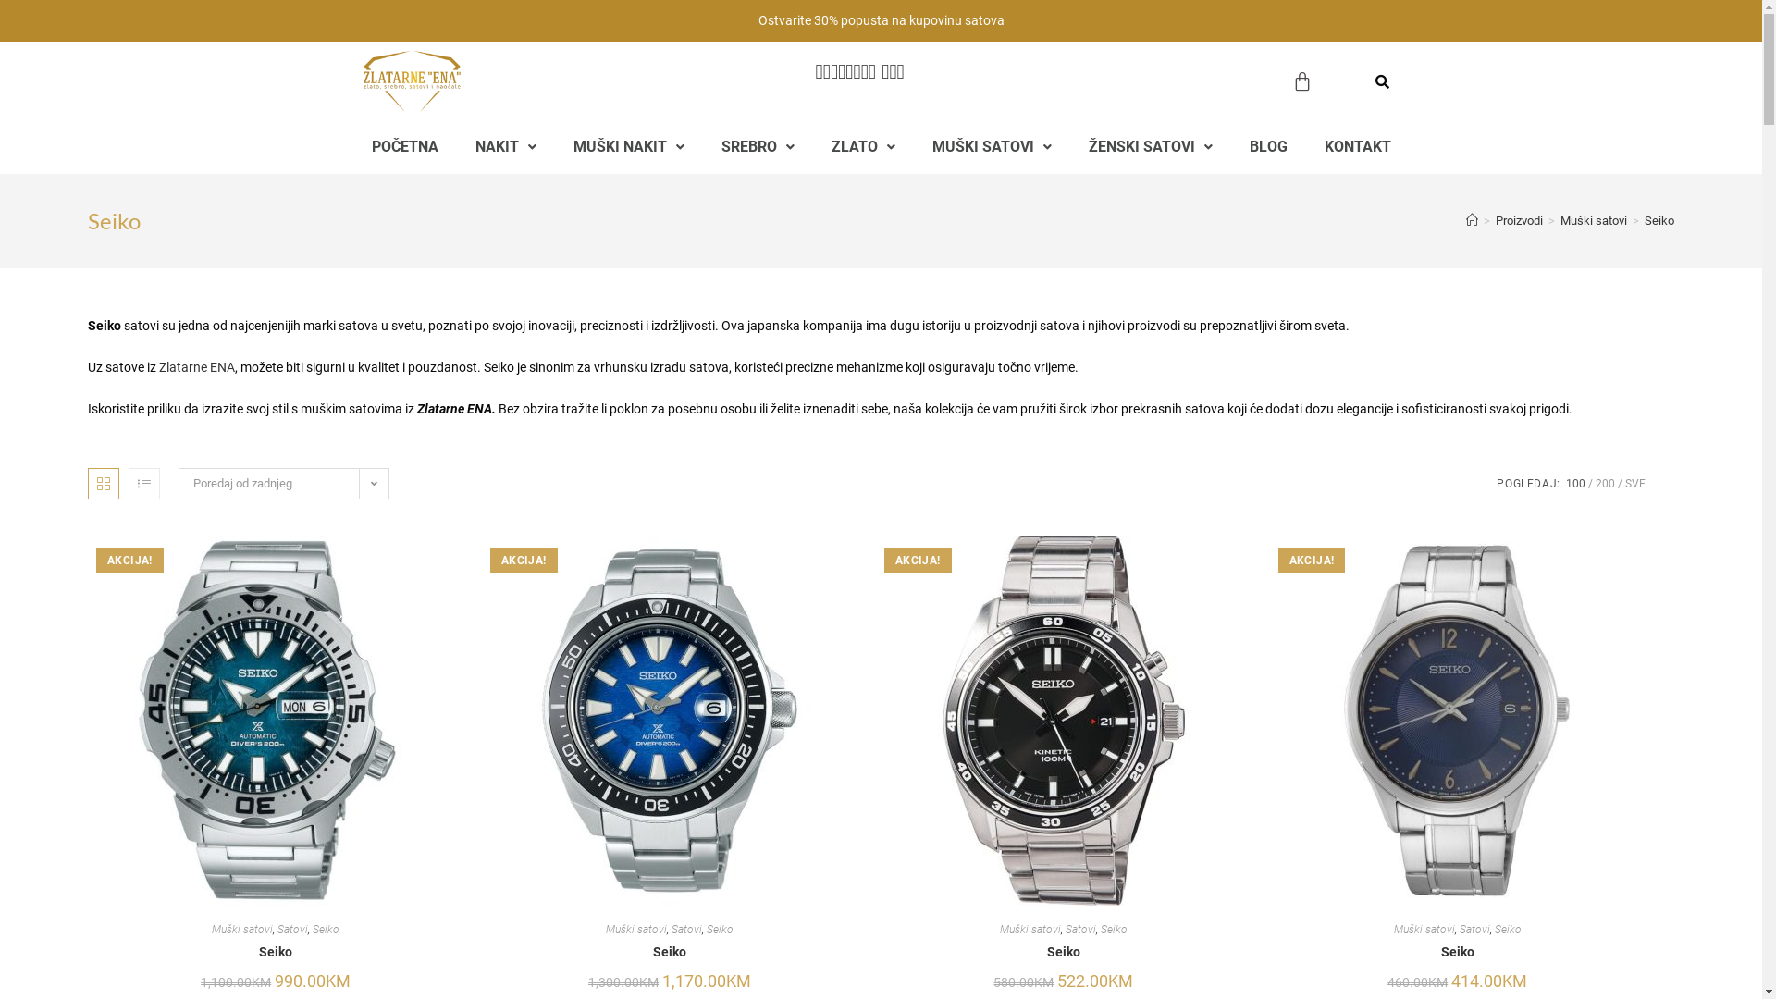 The height and width of the screenshot is (999, 1776). Describe the element at coordinates (1604, 483) in the screenshot. I see `'200'` at that location.